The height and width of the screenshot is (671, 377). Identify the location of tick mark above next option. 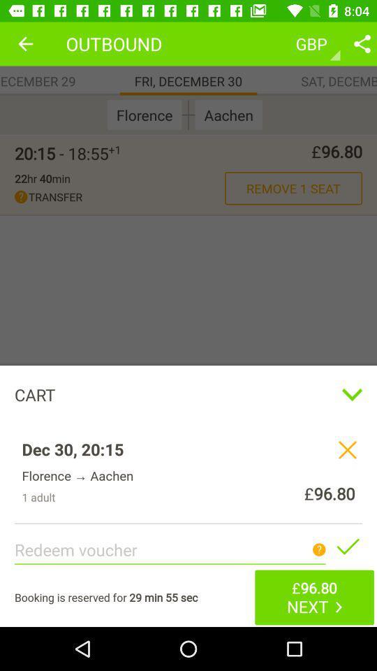
(346, 547).